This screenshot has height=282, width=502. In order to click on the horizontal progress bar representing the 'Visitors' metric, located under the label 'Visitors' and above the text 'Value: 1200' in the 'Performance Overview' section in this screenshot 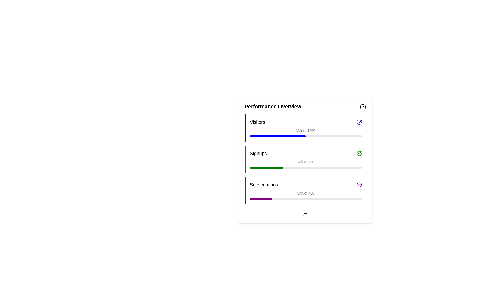, I will do `click(306, 136)`.